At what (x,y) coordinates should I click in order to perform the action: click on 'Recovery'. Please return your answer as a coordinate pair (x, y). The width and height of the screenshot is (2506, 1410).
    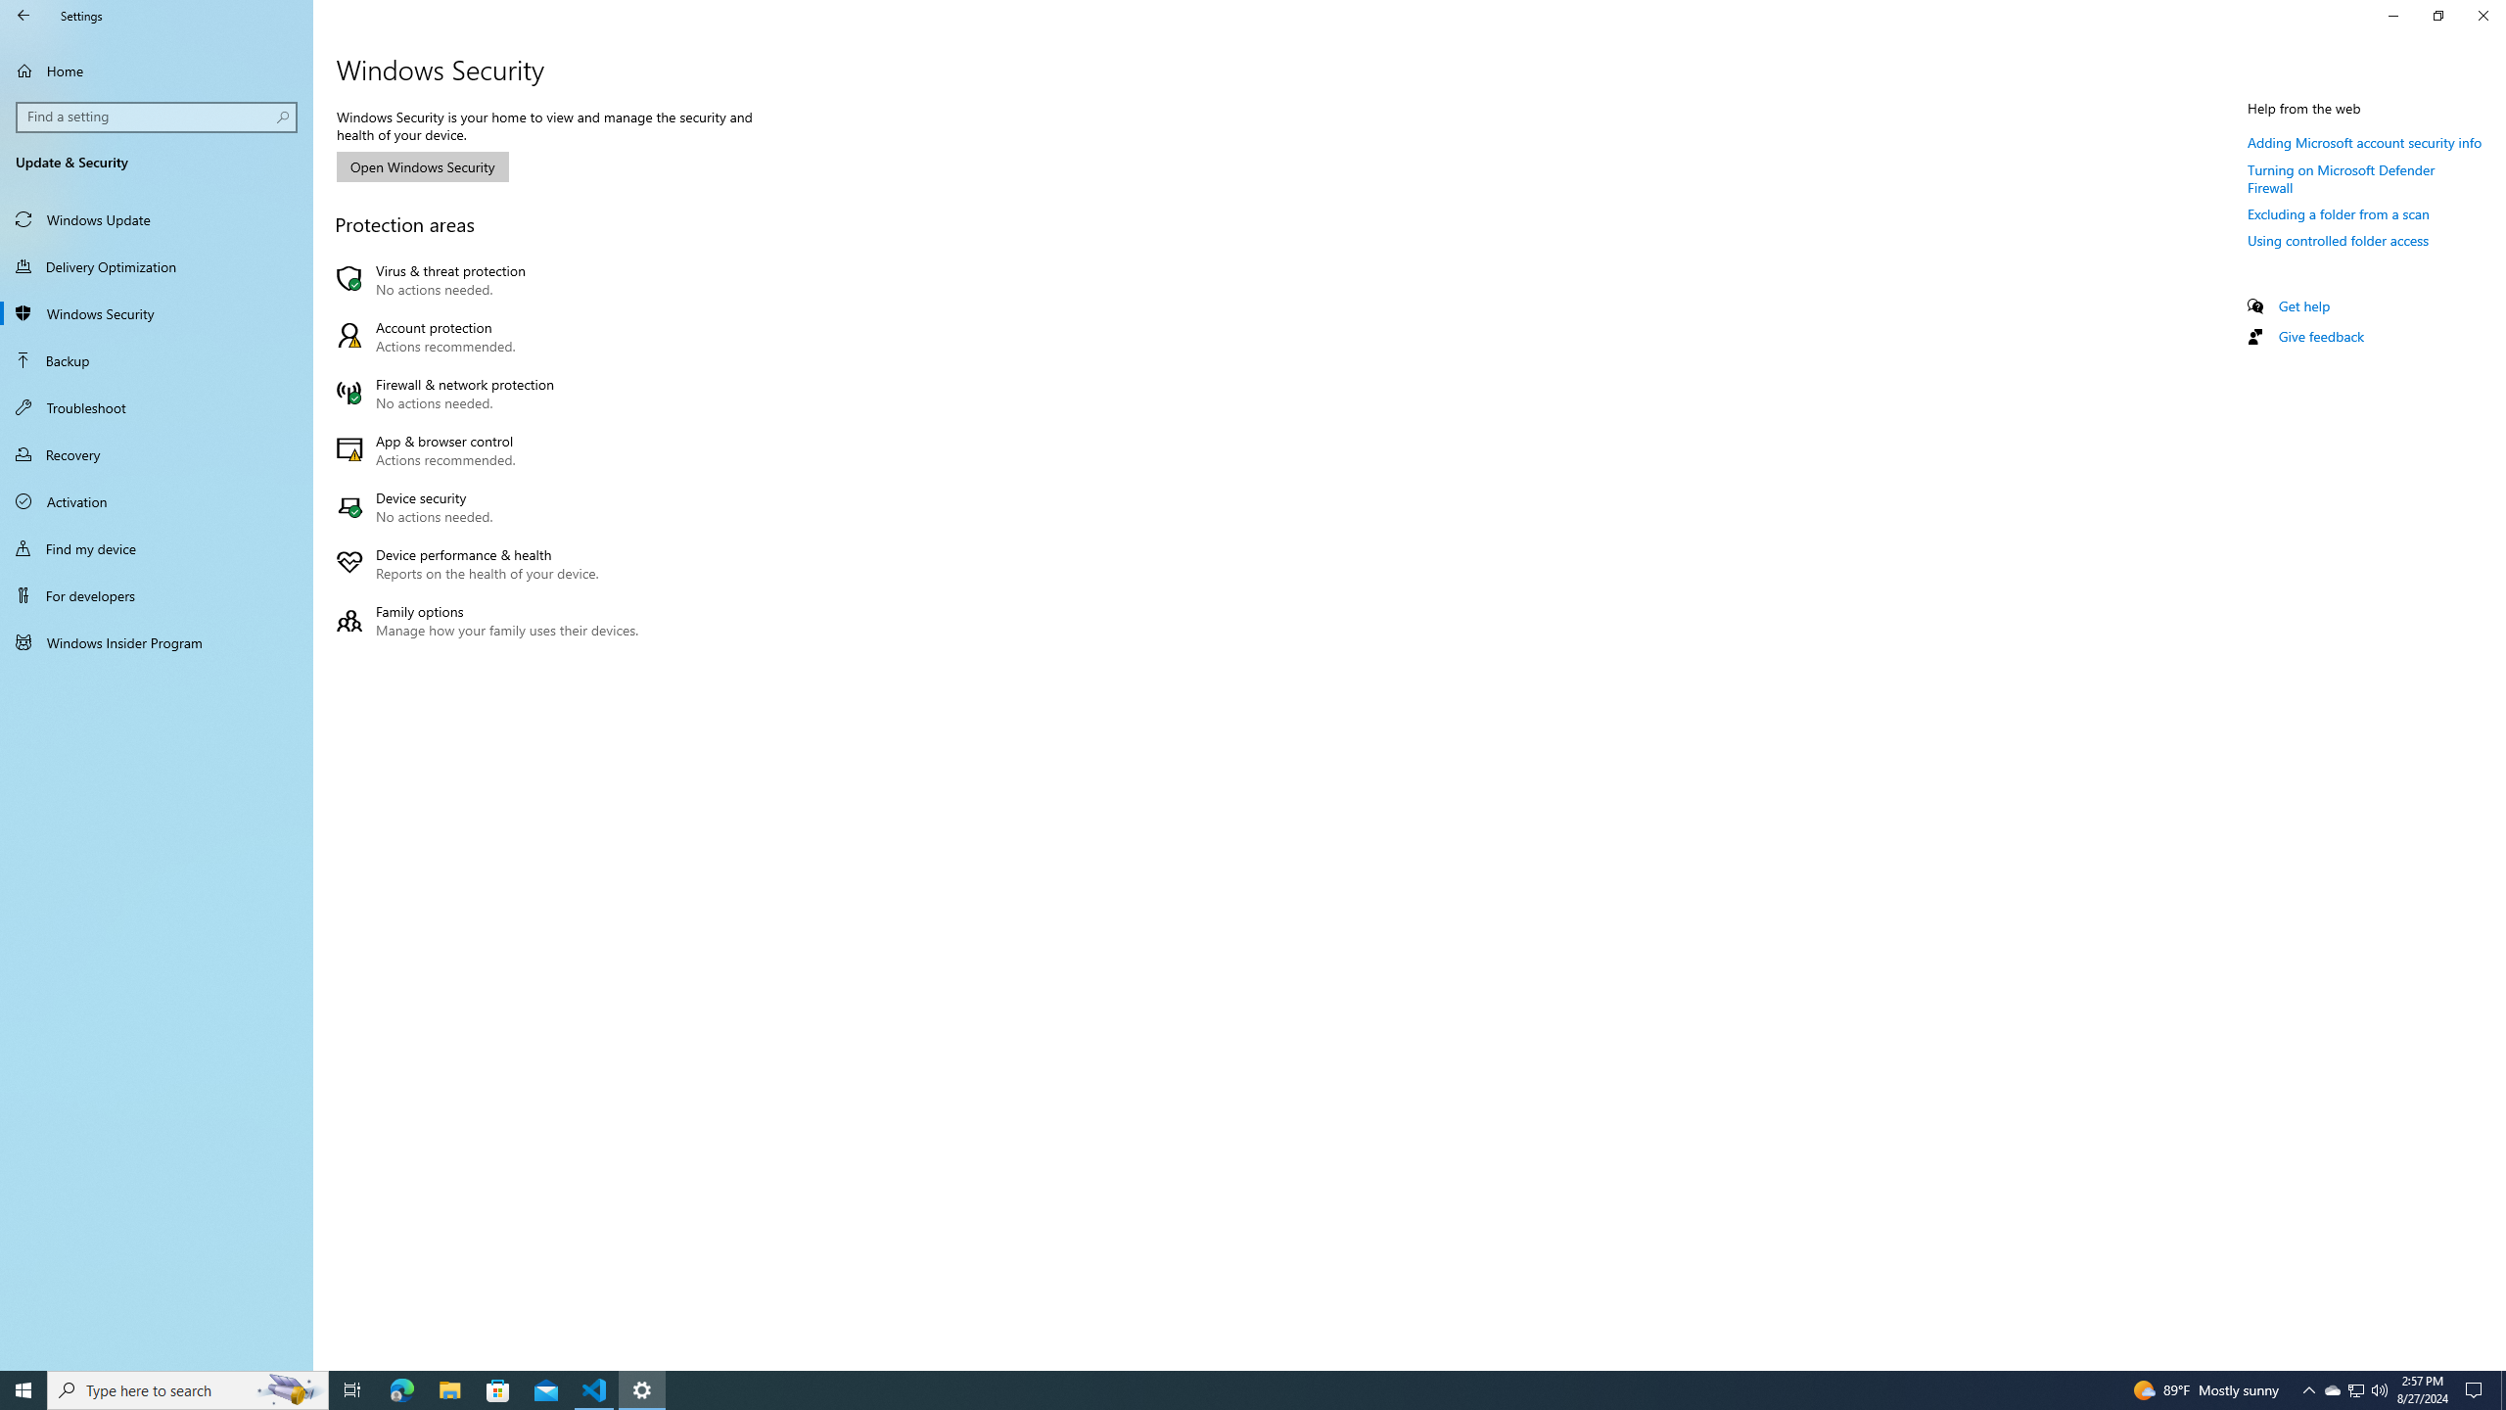
    Looking at the image, I should click on (156, 453).